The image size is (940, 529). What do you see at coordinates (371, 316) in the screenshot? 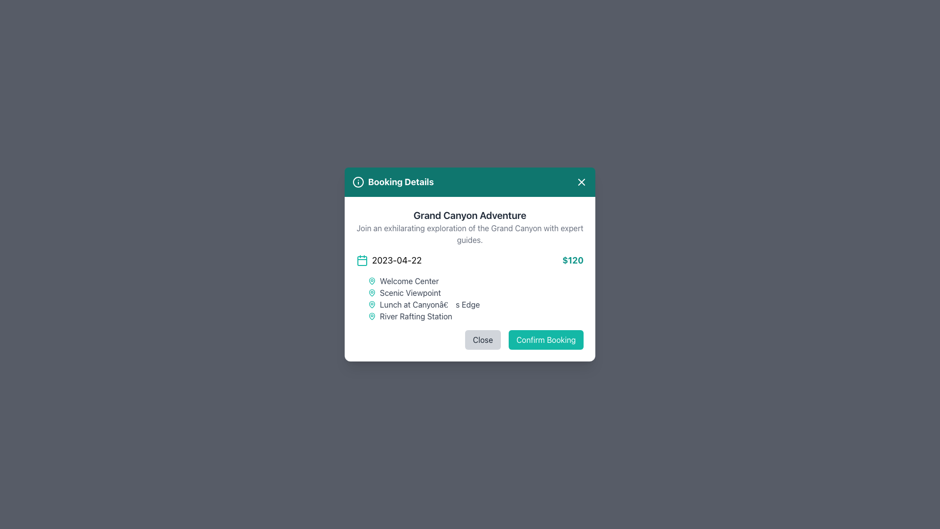
I see `the fourth icon associated with the text 'River Rafting Station' under the 'Booking Details' header` at bounding box center [371, 316].